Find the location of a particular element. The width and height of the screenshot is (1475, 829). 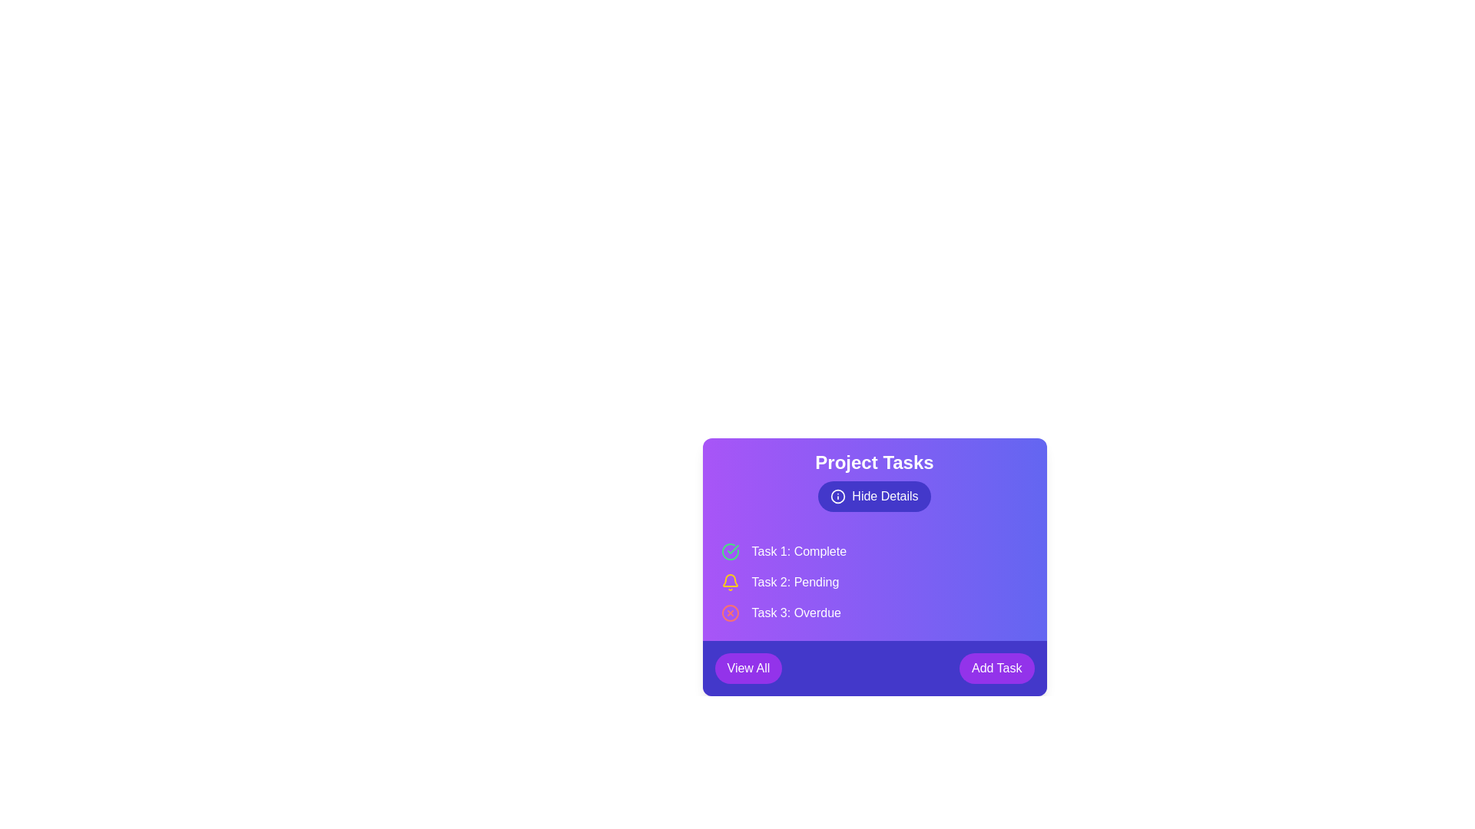

the confirmation icon with a green outline and tick mark located to the left of the text 'Task 1: Complete' in the 'Project Tasks' interface is located at coordinates (729, 550).